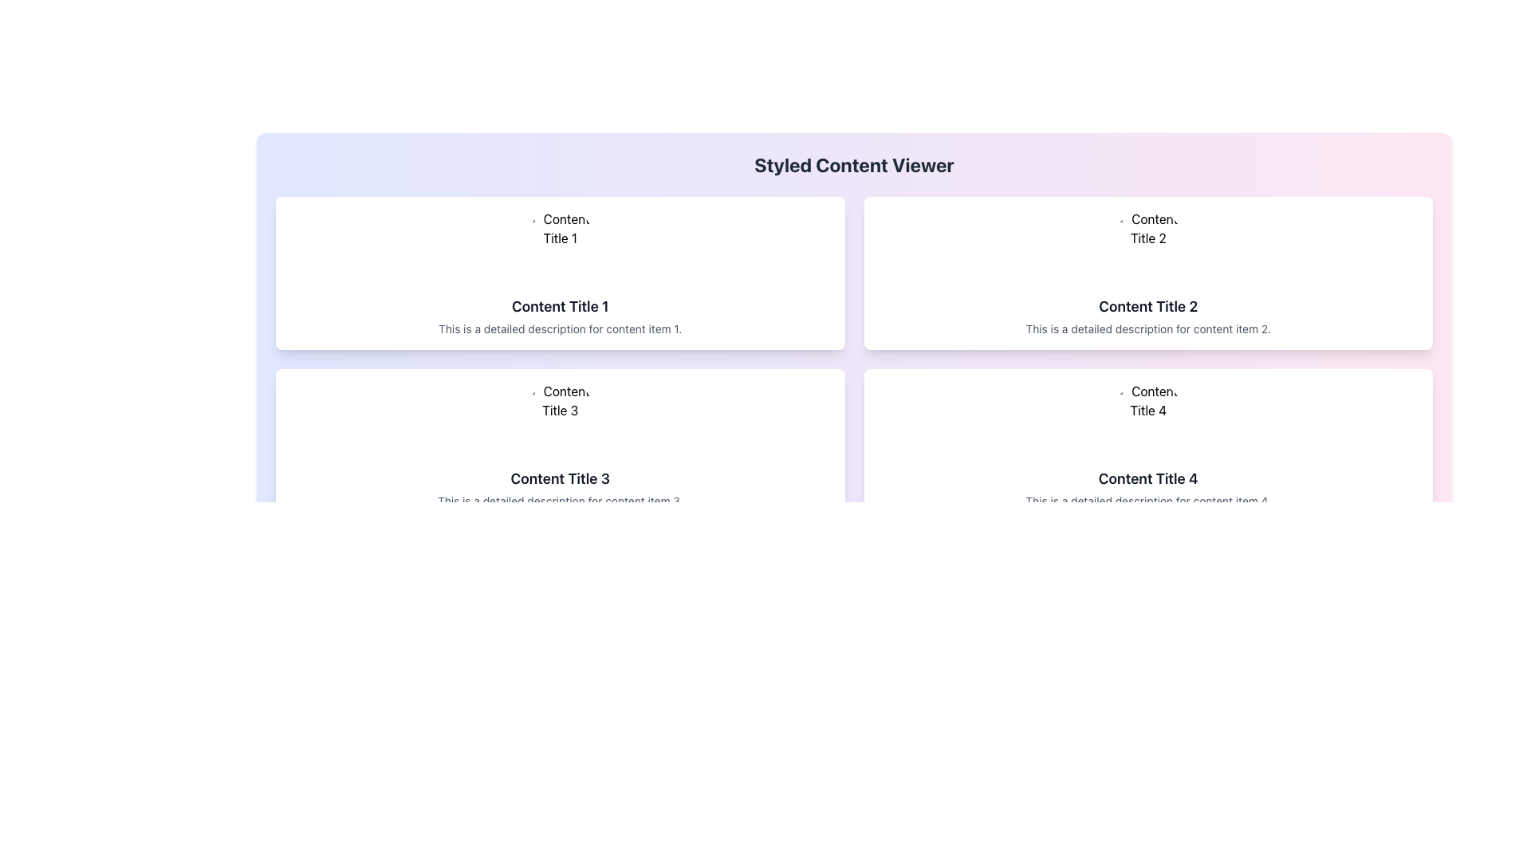 The image size is (1531, 861). What do you see at coordinates (560, 446) in the screenshot?
I see `the Card component located in the second row, first column of the grid layout, which displays content including a title and description` at bounding box center [560, 446].